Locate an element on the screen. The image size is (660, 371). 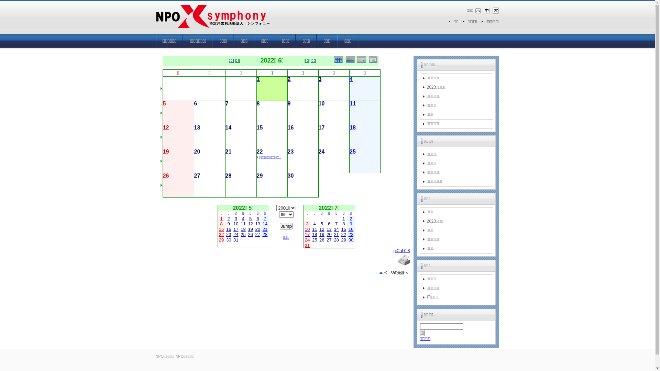
'8' is located at coordinates (256, 104).